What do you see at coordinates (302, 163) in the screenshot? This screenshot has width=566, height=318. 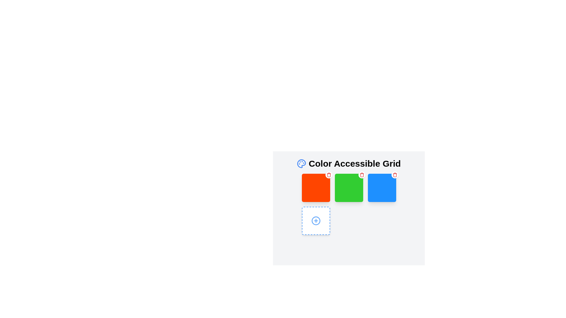 I see `the blue circular palette icon, which is located to the left of the text 'Color Accessible Grid' in the heading section at the top of the layout` at bounding box center [302, 163].